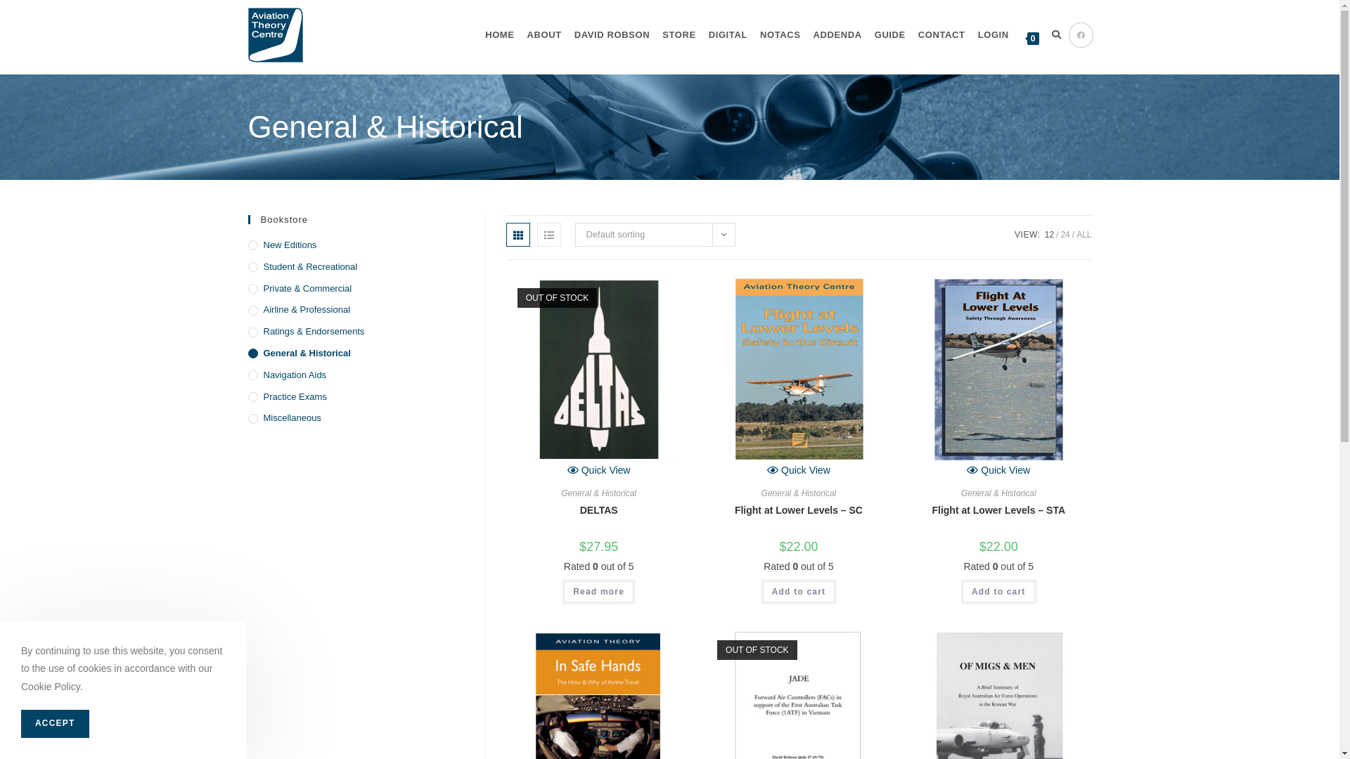  Describe the element at coordinates (1065, 234) in the screenshot. I see `'24'` at that location.